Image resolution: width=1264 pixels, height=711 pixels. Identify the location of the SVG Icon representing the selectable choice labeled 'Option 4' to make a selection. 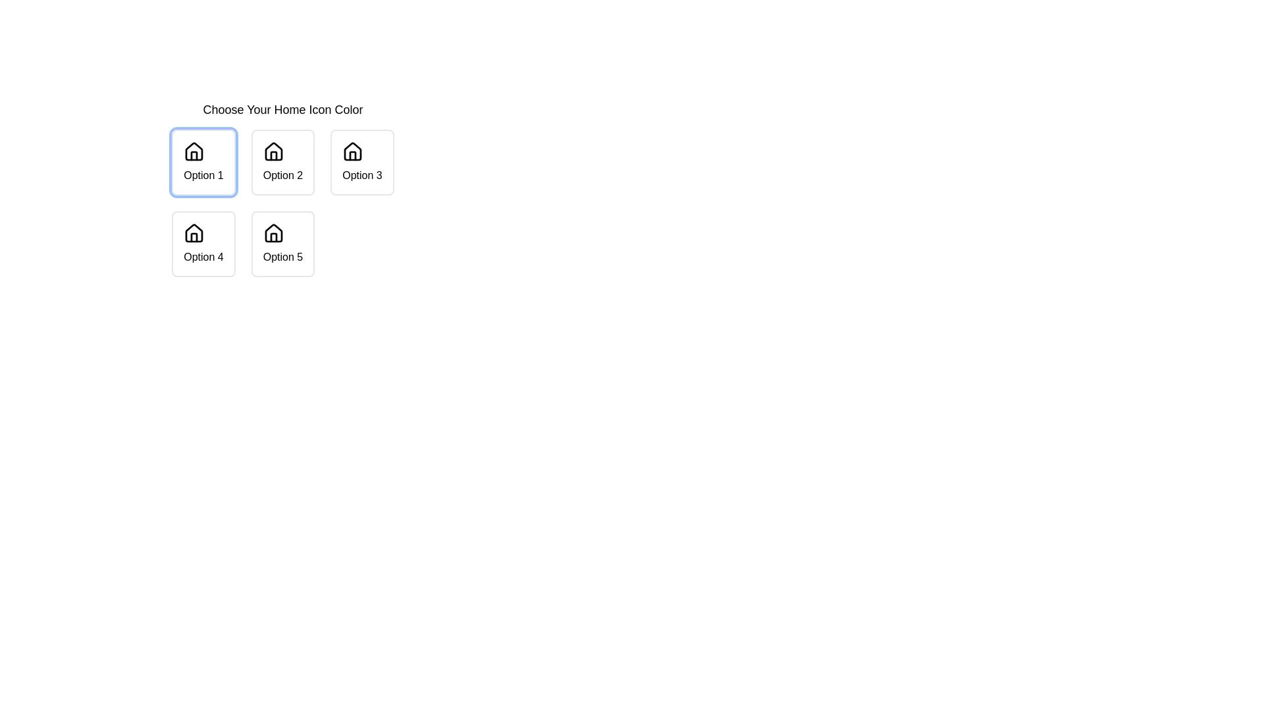
(194, 232).